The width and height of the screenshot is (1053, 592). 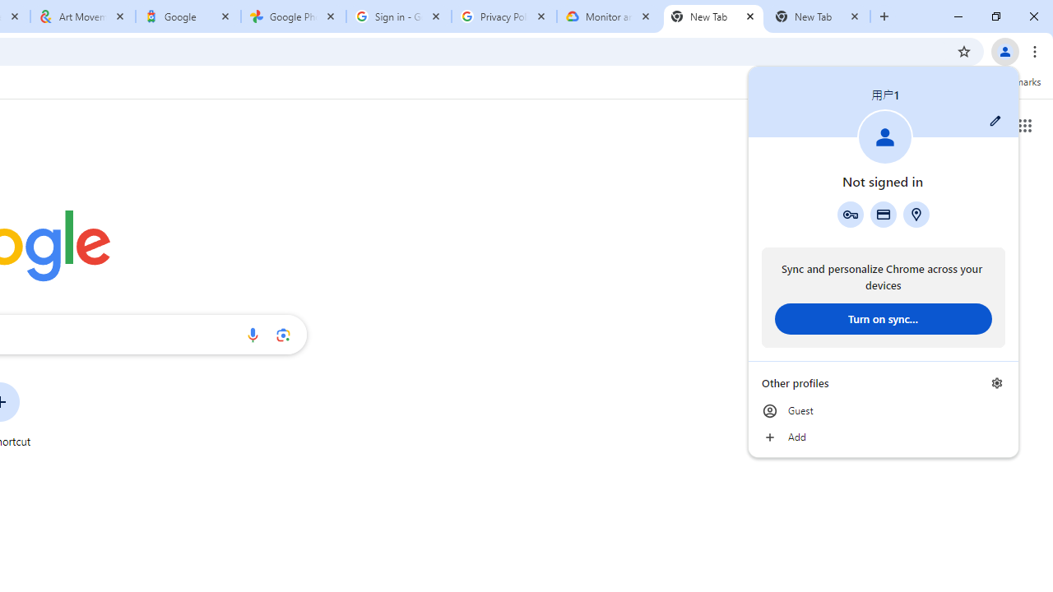 I want to click on 'Addresses and more', so click(x=916, y=214).